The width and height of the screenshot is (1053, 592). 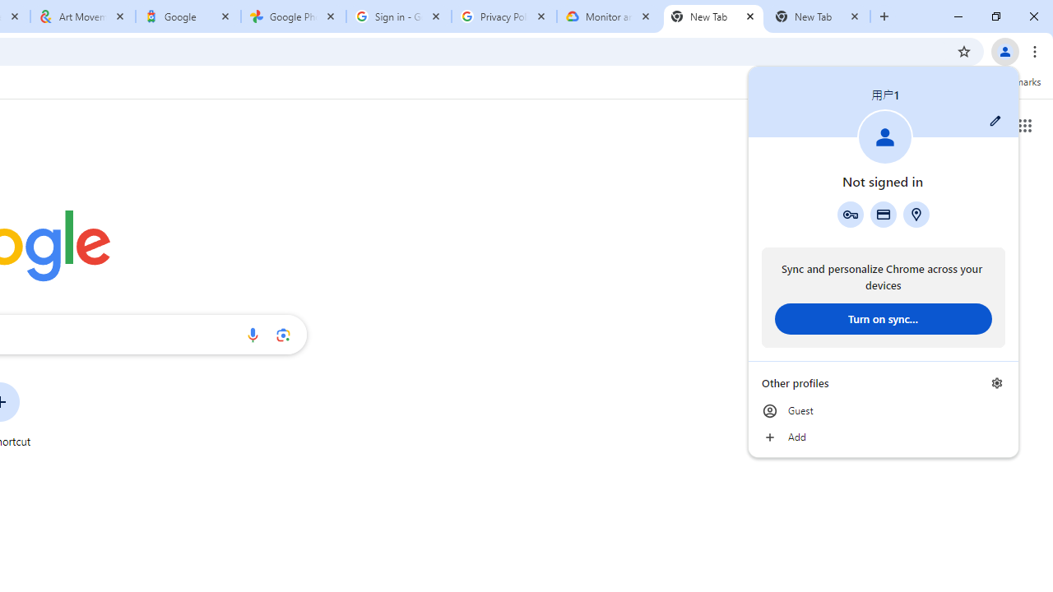 I want to click on 'Addresses and more', so click(x=916, y=214).